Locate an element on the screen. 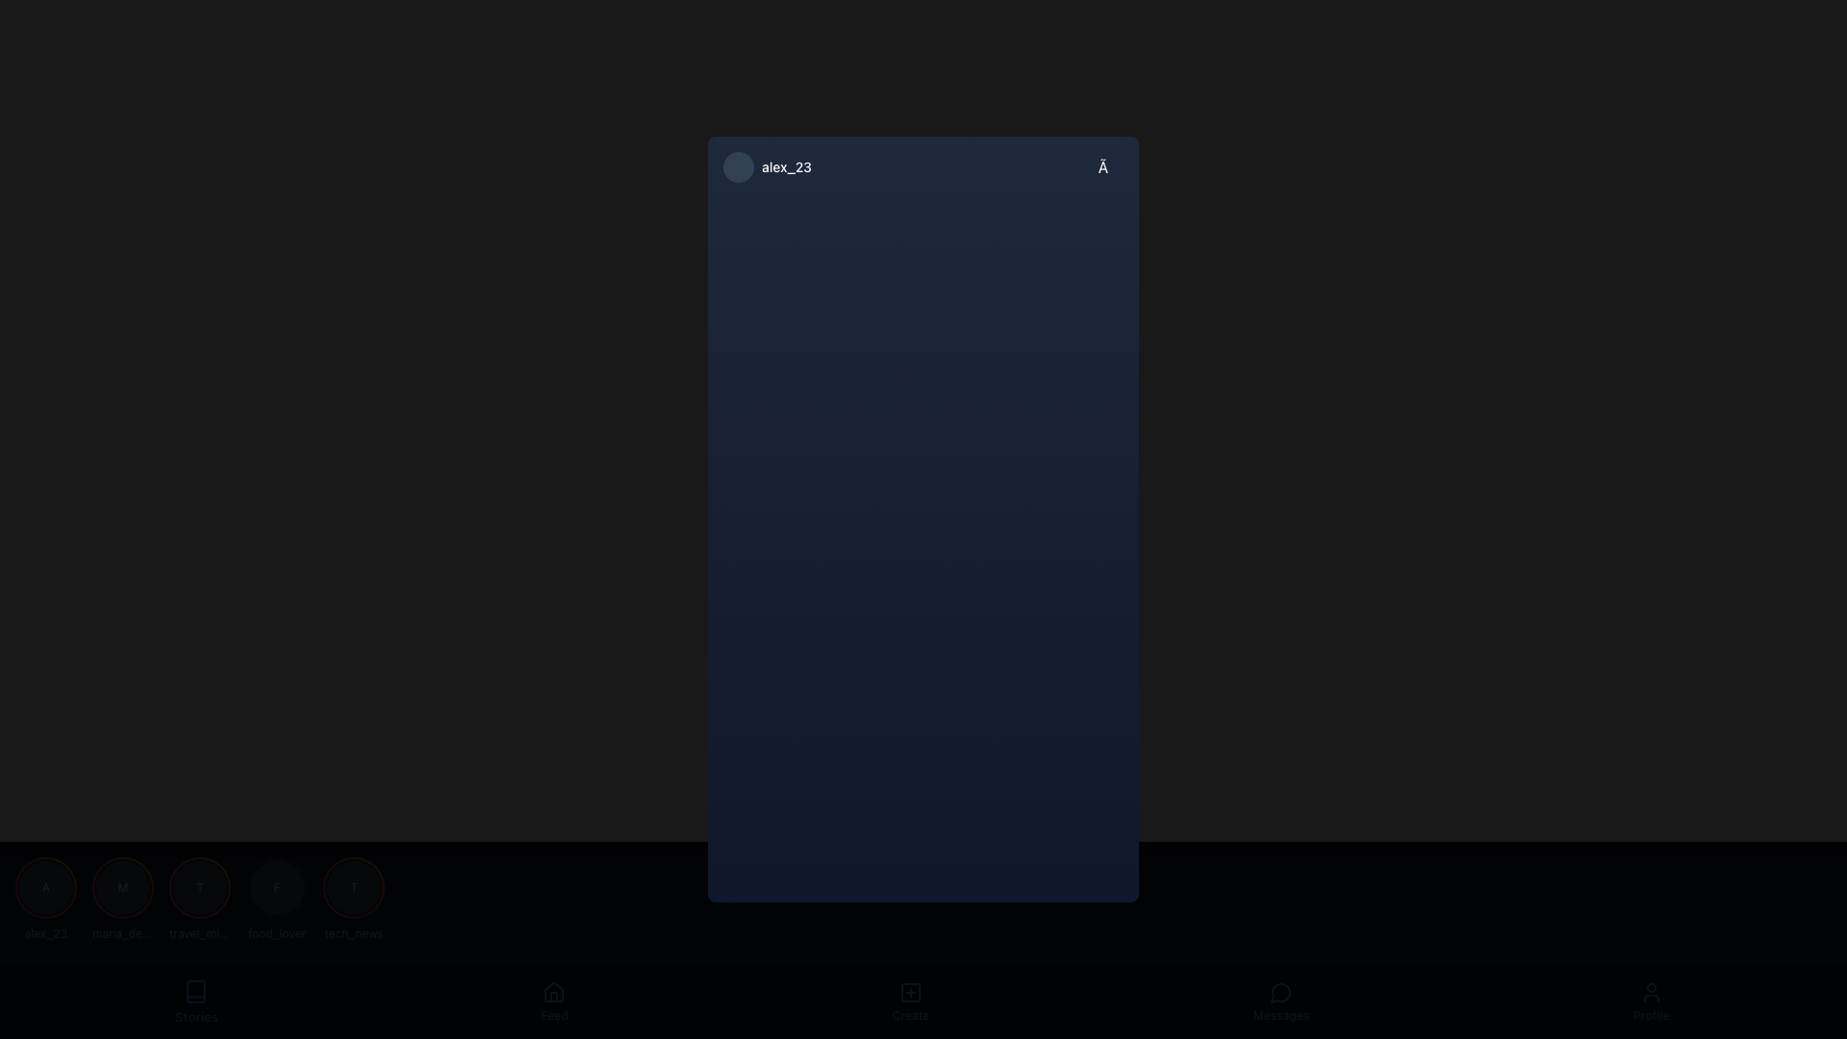  the 'Feed' button, which features a home icon and is the second item in the bottom navigation bar is located at coordinates (553, 1001).